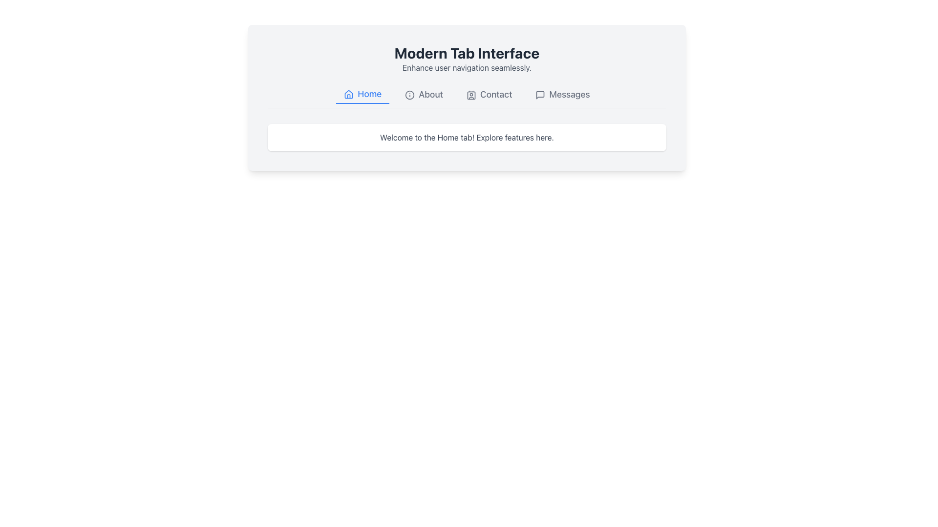  What do you see at coordinates (466, 137) in the screenshot?
I see `informational text block located below the horizontal tab navigation options in the 'Home' tab` at bounding box center [466, 137].